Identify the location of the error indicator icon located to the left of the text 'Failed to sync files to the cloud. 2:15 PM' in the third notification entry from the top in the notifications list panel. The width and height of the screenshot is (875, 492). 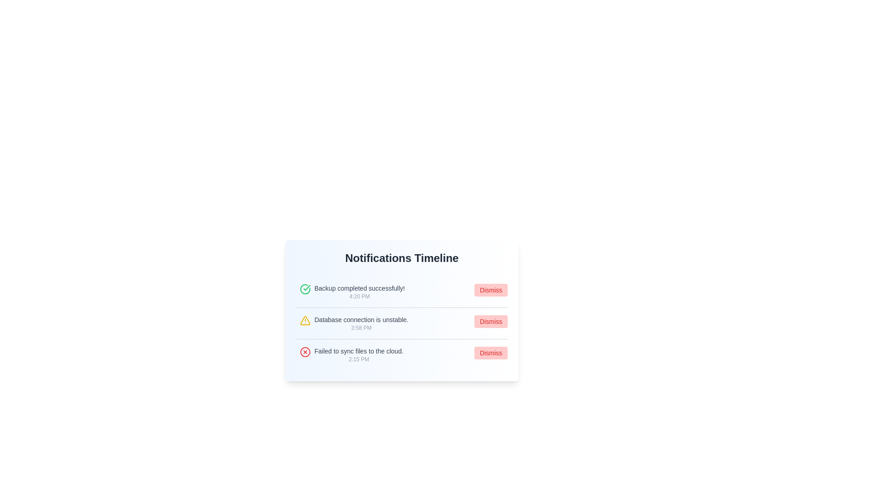
(305, 351).